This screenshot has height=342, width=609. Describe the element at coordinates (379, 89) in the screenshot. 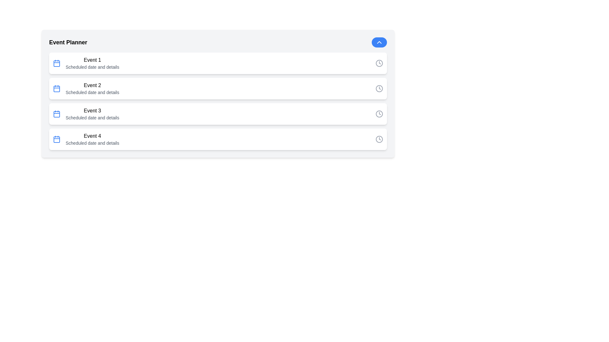

I see `the clock icon located in the second row labeled 'Event 2' of the Event Planner, which represents the scheduled time for the event` at that location.